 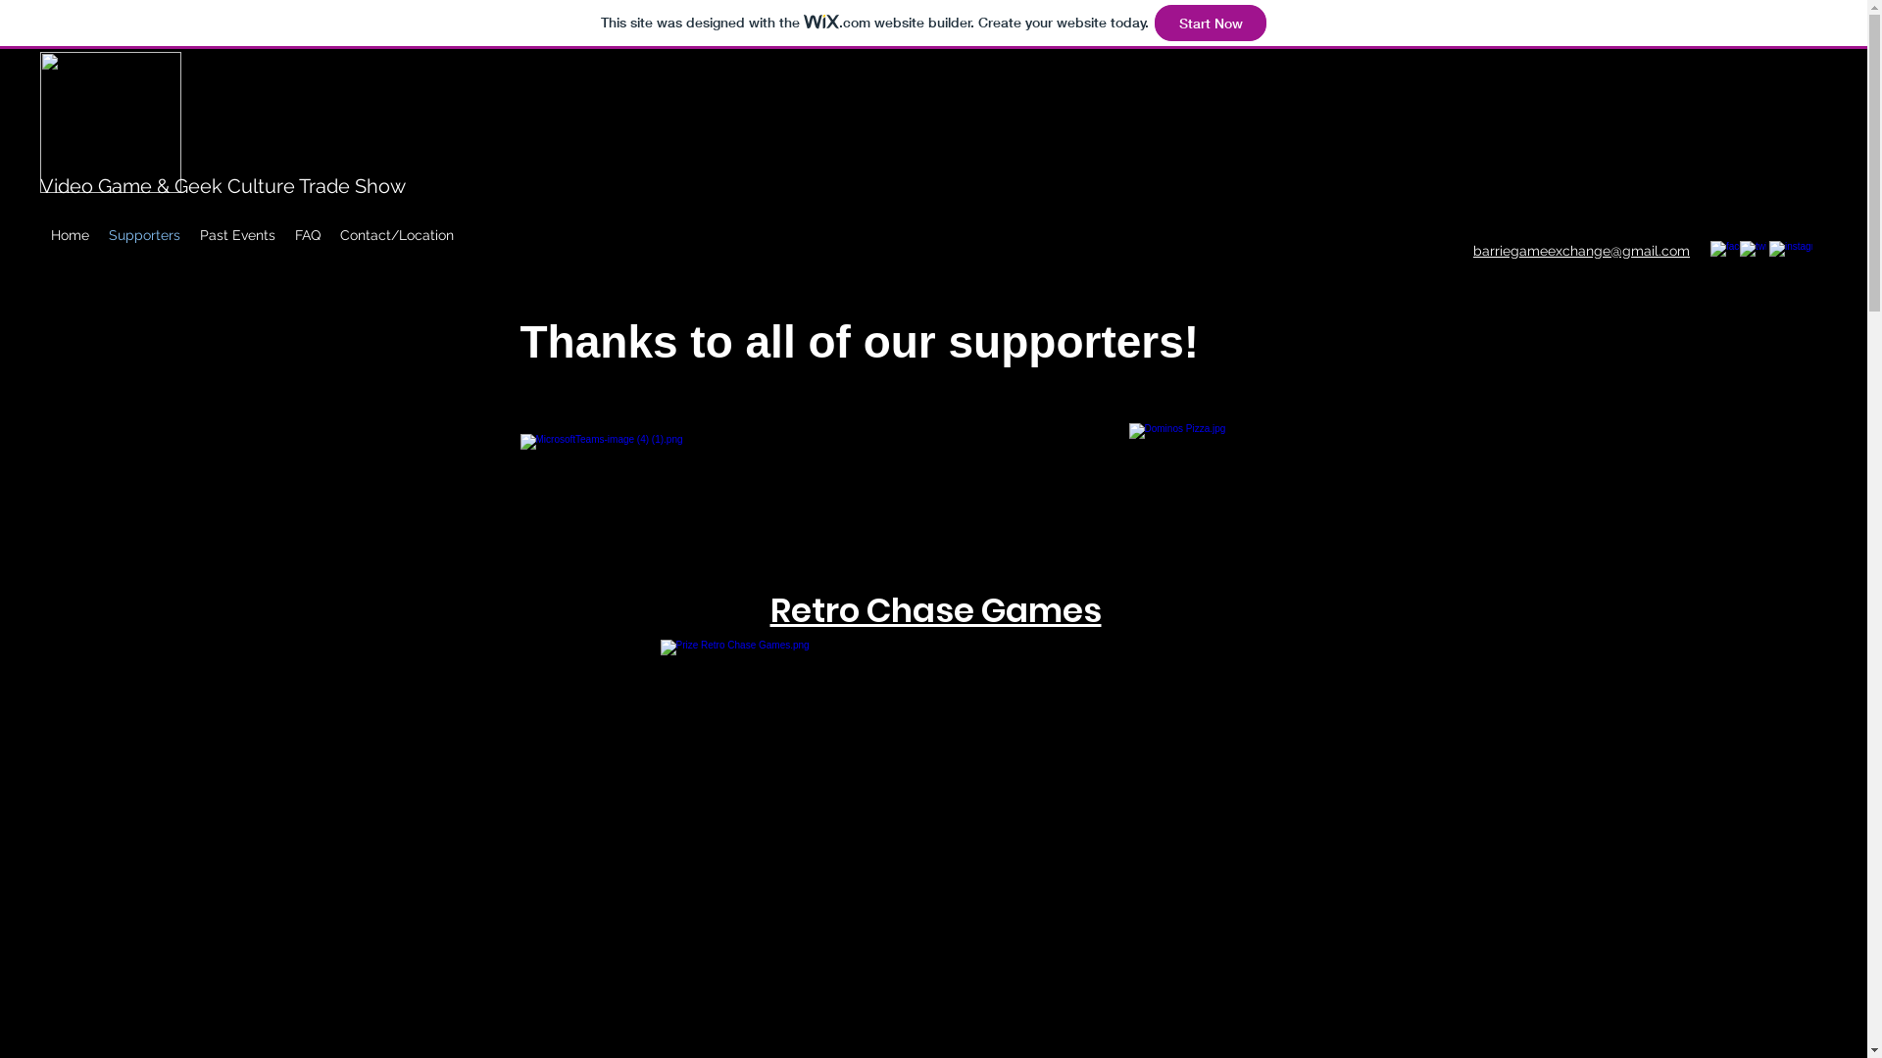 I want to click on 'Past Events', so click(x=236, y=233).